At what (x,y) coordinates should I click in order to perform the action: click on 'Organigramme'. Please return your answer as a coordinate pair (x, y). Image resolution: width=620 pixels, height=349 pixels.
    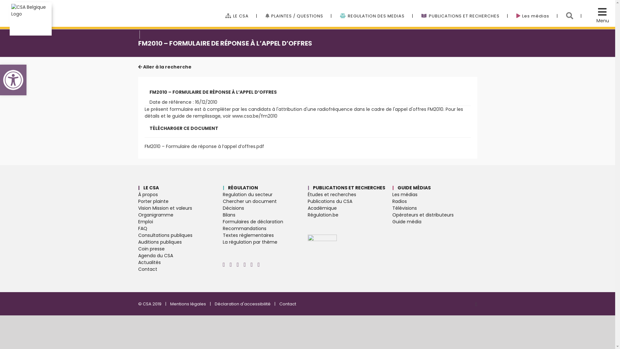
    Looking at the image, I should click on (181, 215).